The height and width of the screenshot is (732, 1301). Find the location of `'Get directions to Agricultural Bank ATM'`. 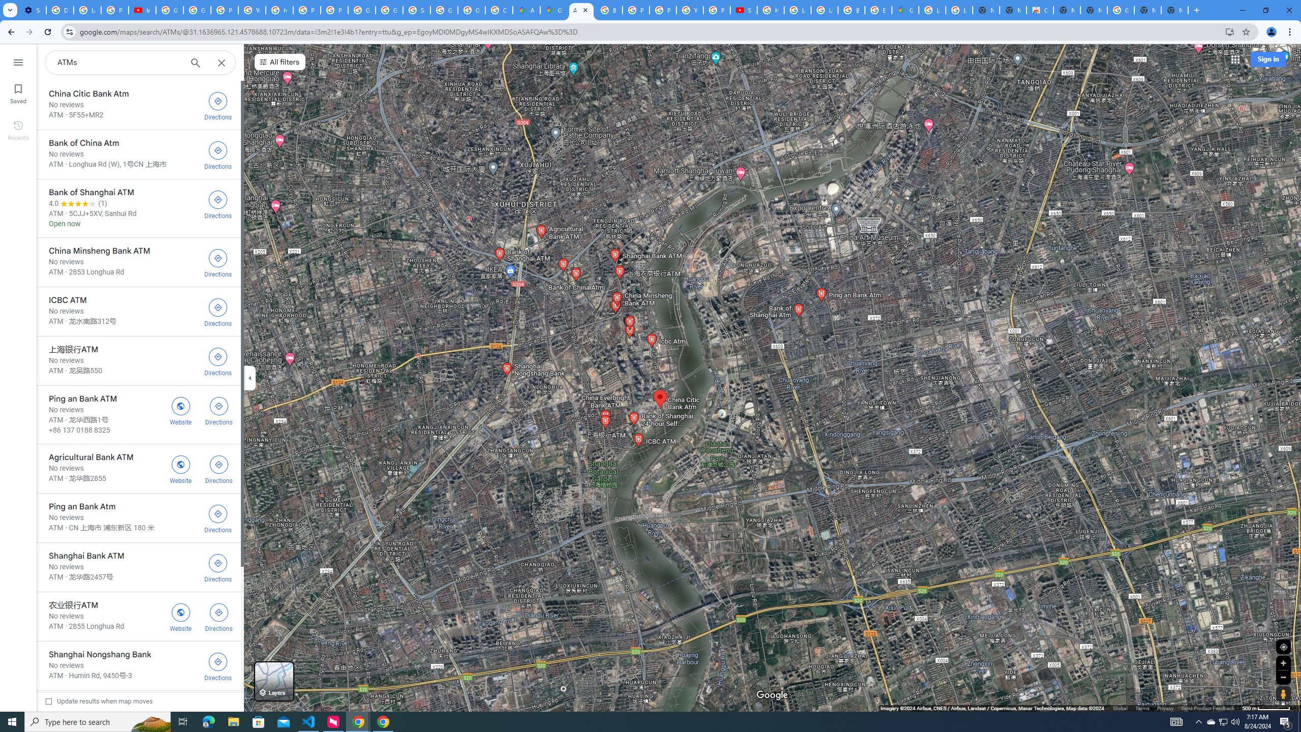

'Get directions to Agricultural Bank ATM' is located at coordinates (219, 468).